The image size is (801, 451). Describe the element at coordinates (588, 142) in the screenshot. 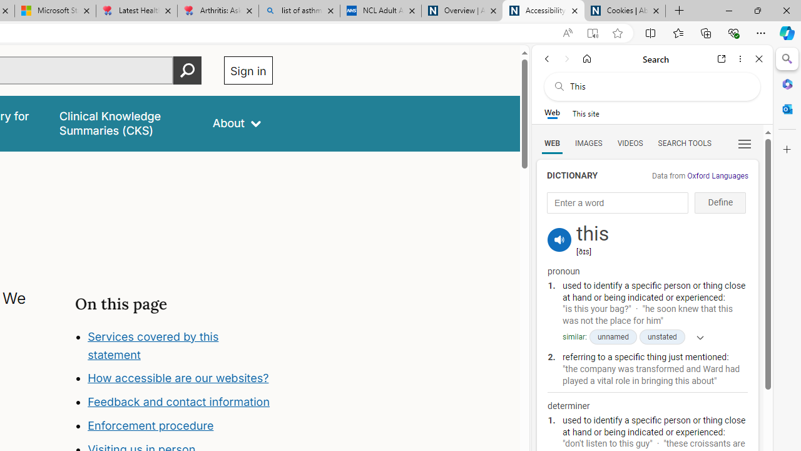

I see `'Search Filter, IMAGES'` at that location.